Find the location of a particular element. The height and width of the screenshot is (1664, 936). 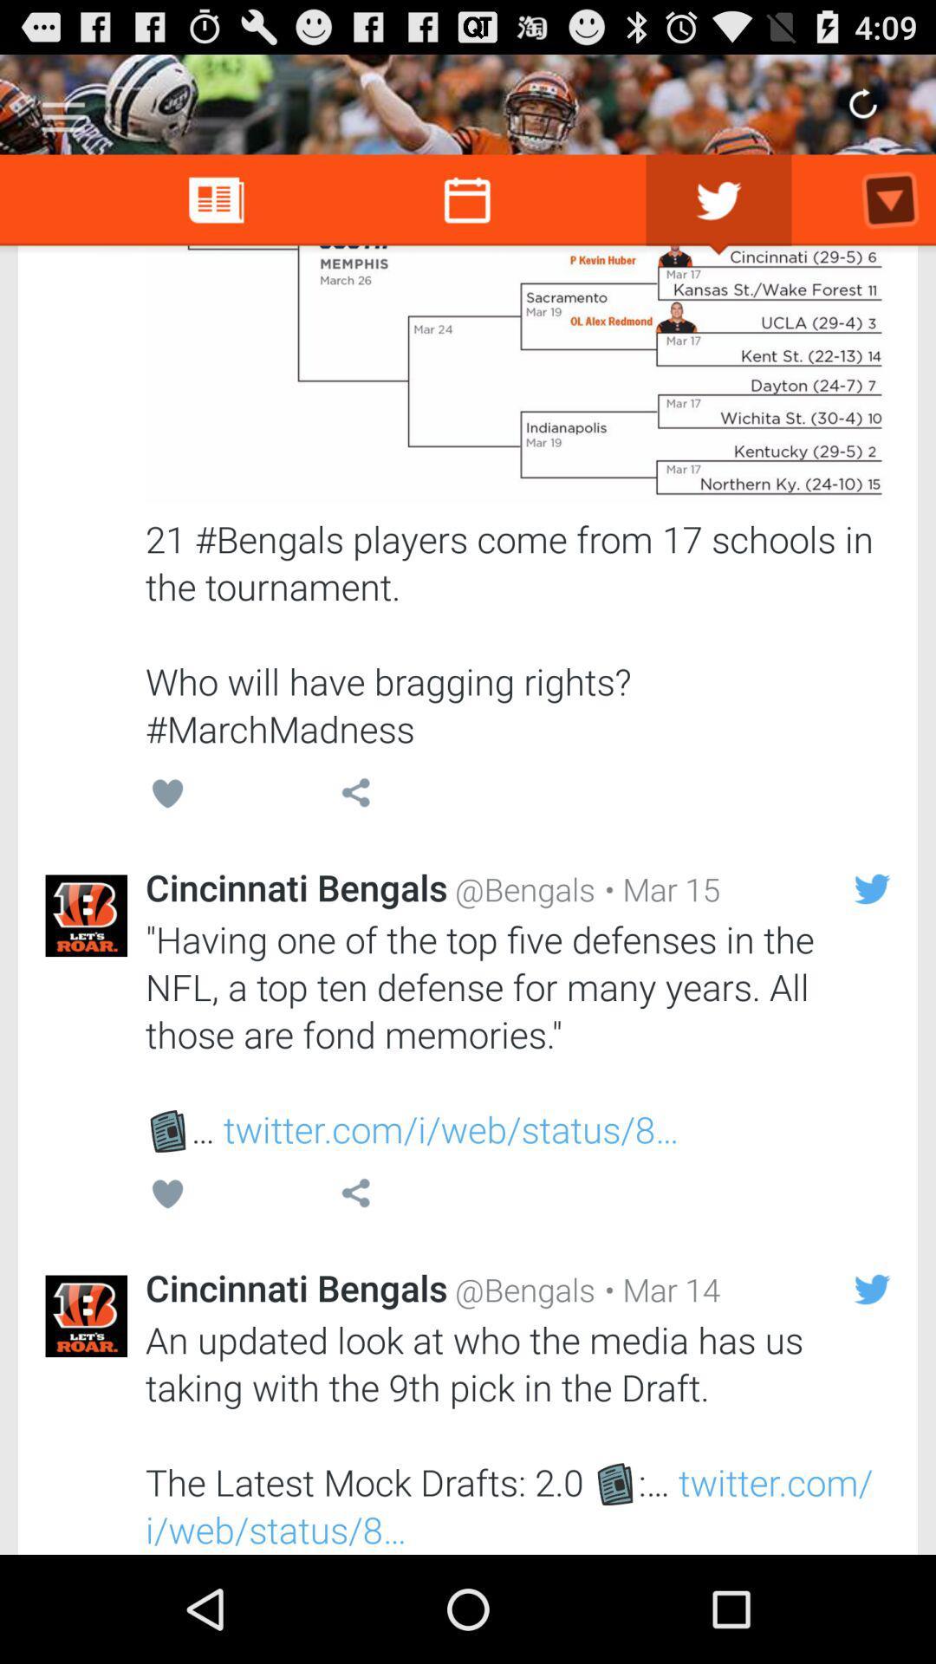

flashing yellow flashing over a players tree is located at coordinates (517, 374).